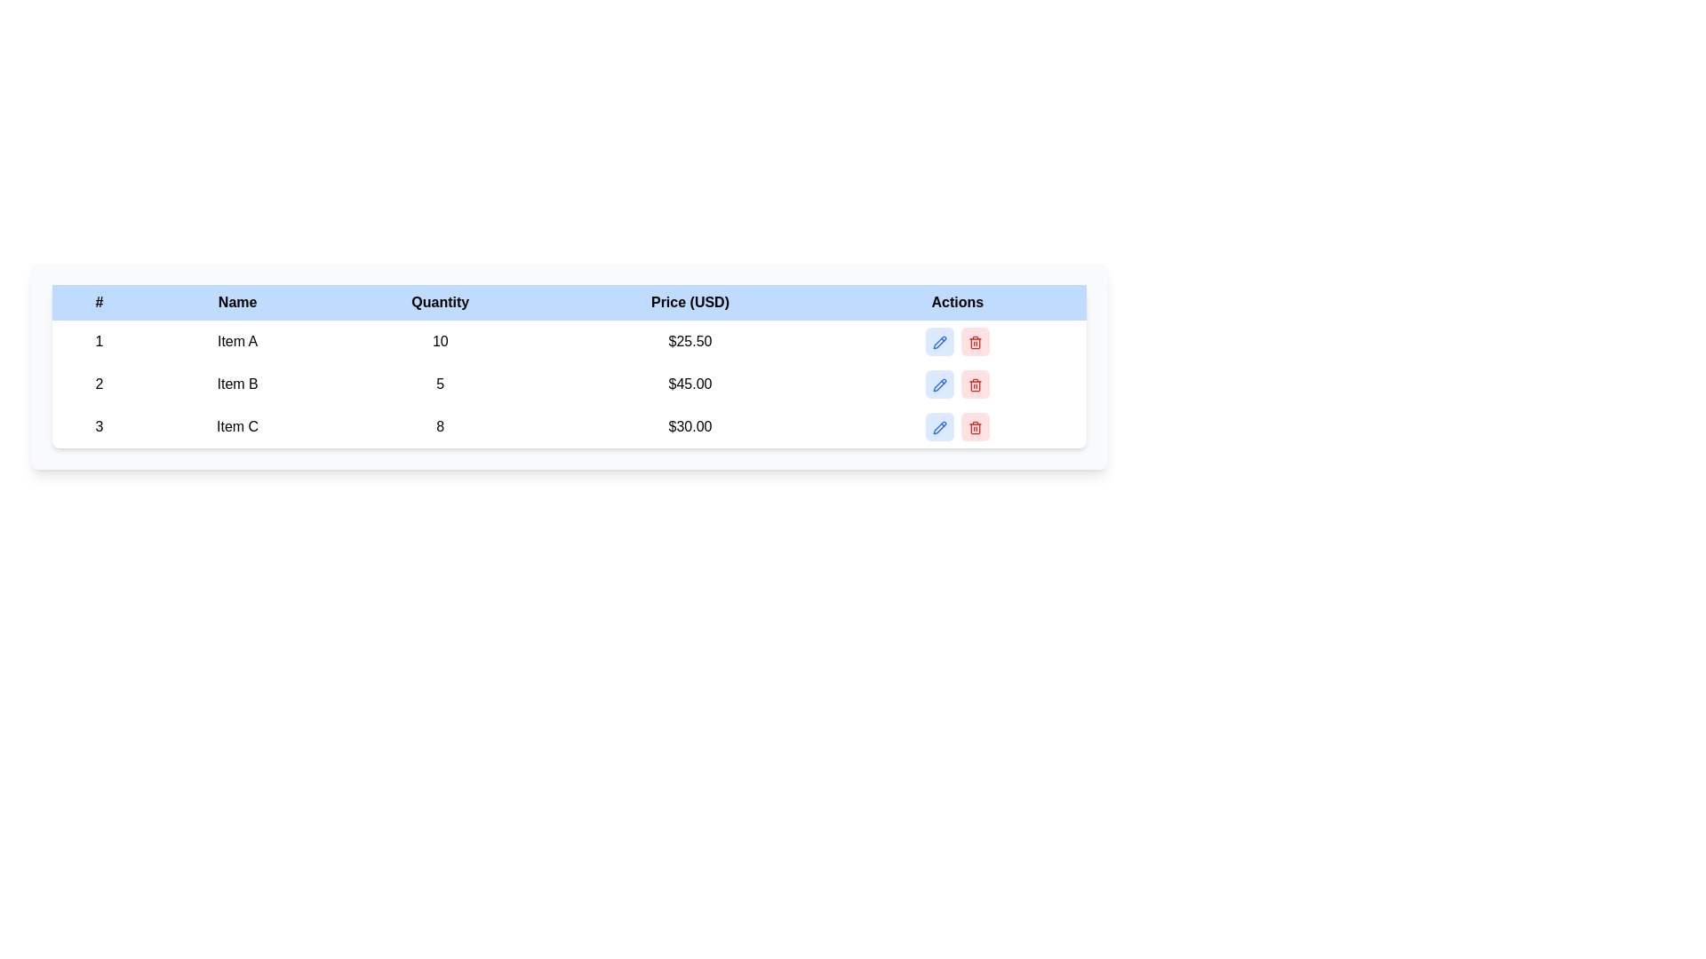  I want to click on the 'Quantity' text element displaying the quantity of the first item listed in the table, so click(440, 342).